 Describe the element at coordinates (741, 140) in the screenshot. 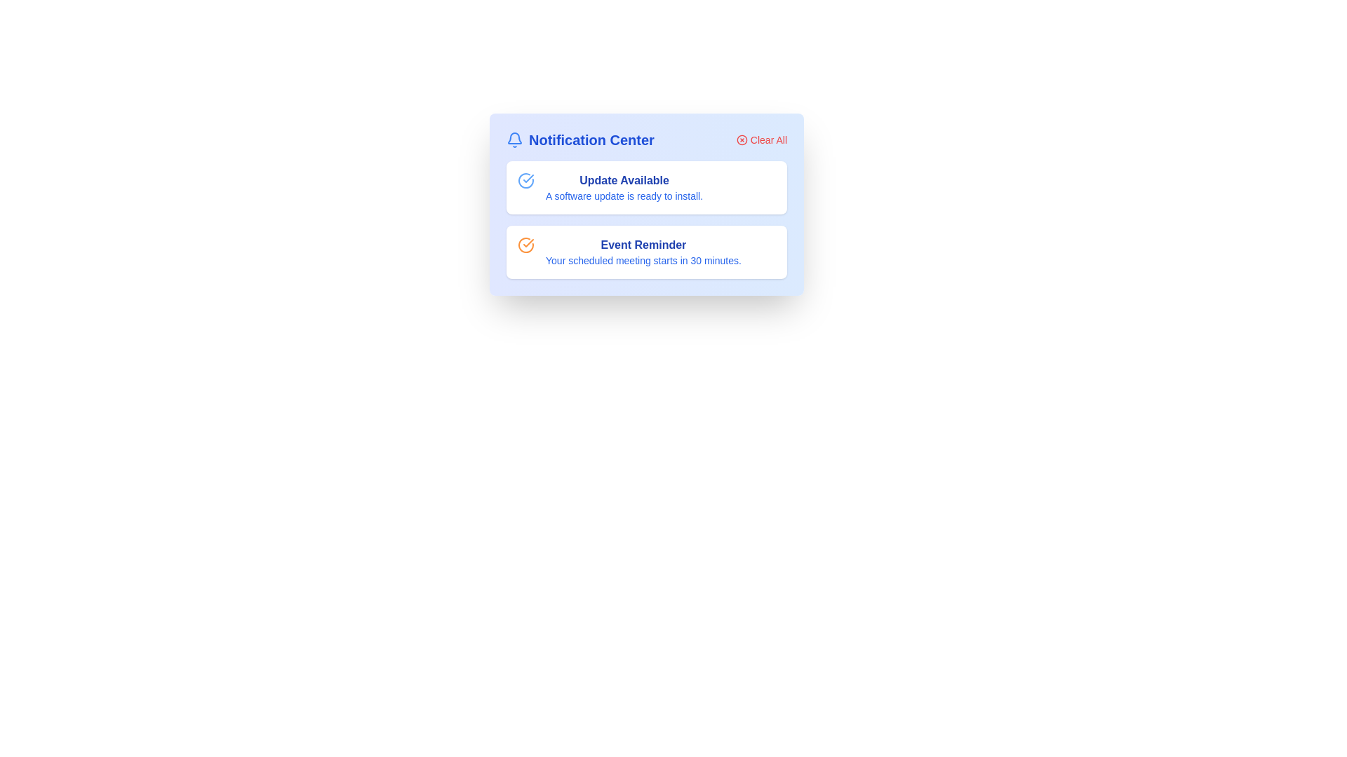

I see `the circular icon located in the top-right area of the notification center within the 'Clear All' control` at that location.